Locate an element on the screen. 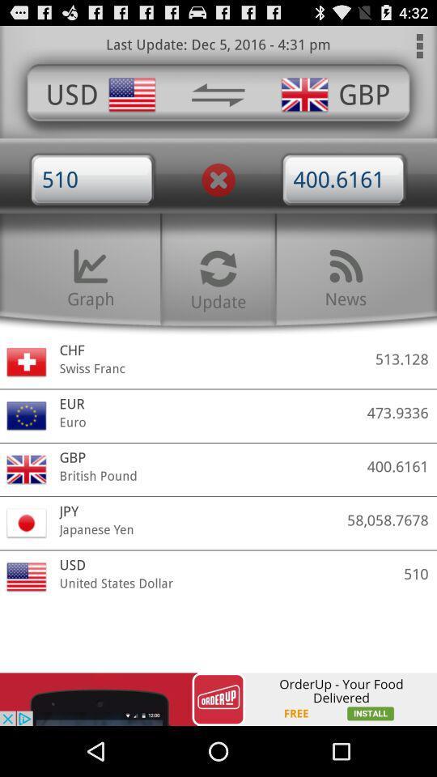 The width and height of the screenshot is (437, 777). dada is located at coordinates (218, 95).